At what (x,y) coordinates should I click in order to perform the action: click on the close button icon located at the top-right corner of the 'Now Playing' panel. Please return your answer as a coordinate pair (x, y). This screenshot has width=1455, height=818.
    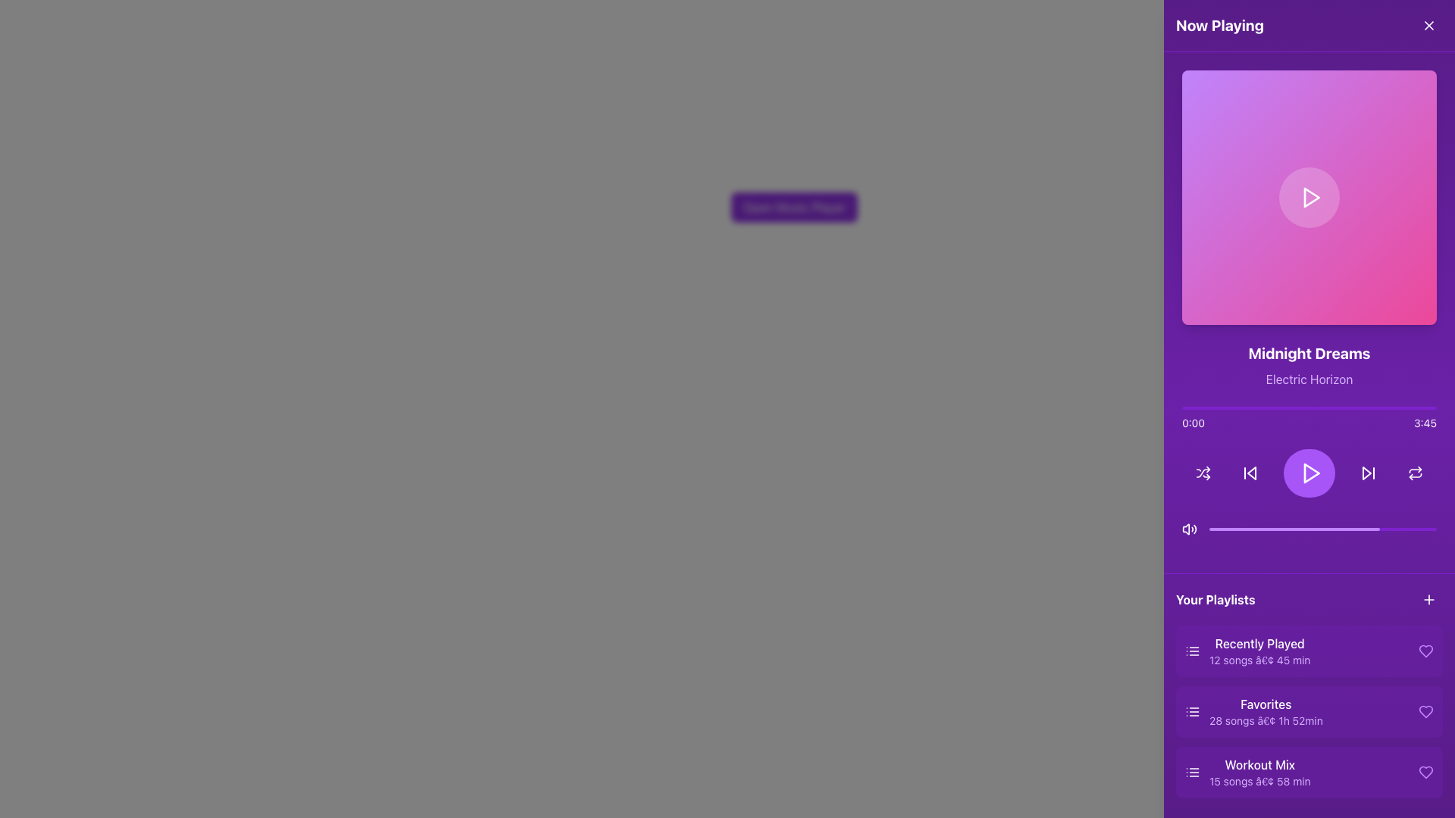
    Looking at the image, I should click on (1428, 26).